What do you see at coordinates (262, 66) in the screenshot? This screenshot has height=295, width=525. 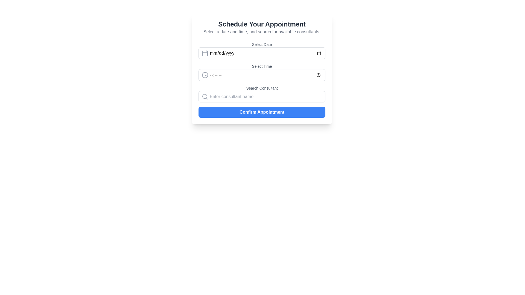 I see `the 'Select Time' label, which is a medium-sized gray text label positioned above the time input field` at bounding box center [262, 66].